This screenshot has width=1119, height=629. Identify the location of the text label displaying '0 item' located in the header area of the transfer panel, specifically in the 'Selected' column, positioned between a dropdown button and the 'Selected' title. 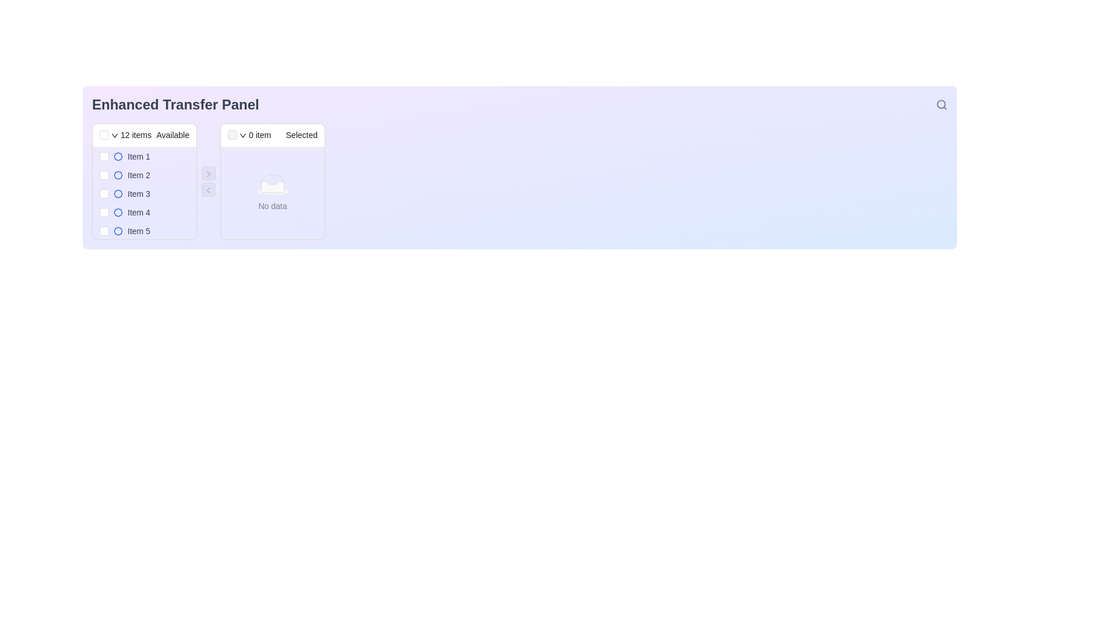
(259, 134).